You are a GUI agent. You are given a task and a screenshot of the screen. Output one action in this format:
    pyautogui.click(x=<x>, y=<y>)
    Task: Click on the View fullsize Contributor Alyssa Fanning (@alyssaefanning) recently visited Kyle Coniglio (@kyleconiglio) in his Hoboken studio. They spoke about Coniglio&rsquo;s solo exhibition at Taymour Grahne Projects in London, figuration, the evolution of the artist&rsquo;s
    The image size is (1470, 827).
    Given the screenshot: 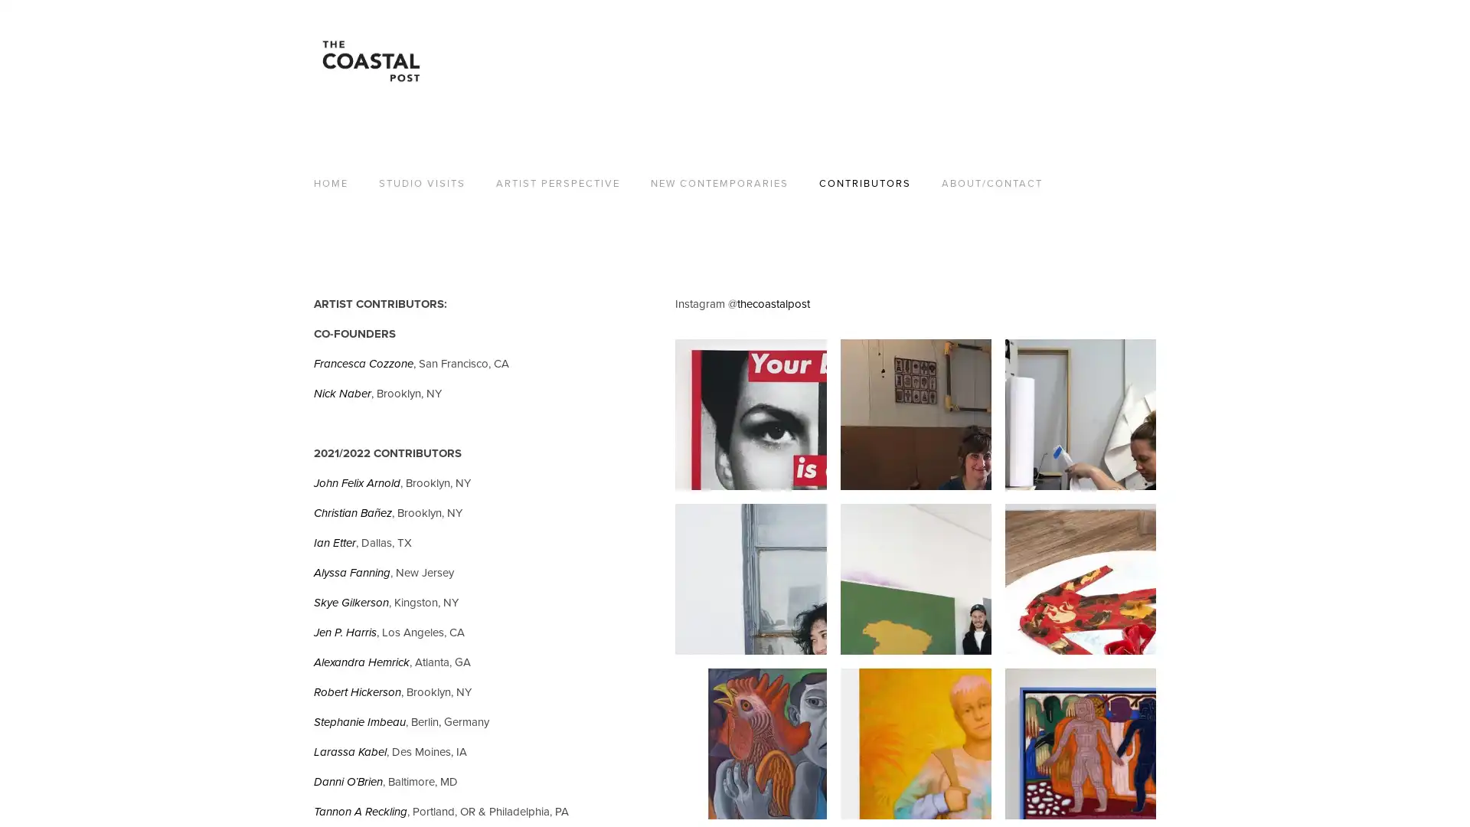 What is the action you would take?
    pyautogui.click(x=915, y=743)
    